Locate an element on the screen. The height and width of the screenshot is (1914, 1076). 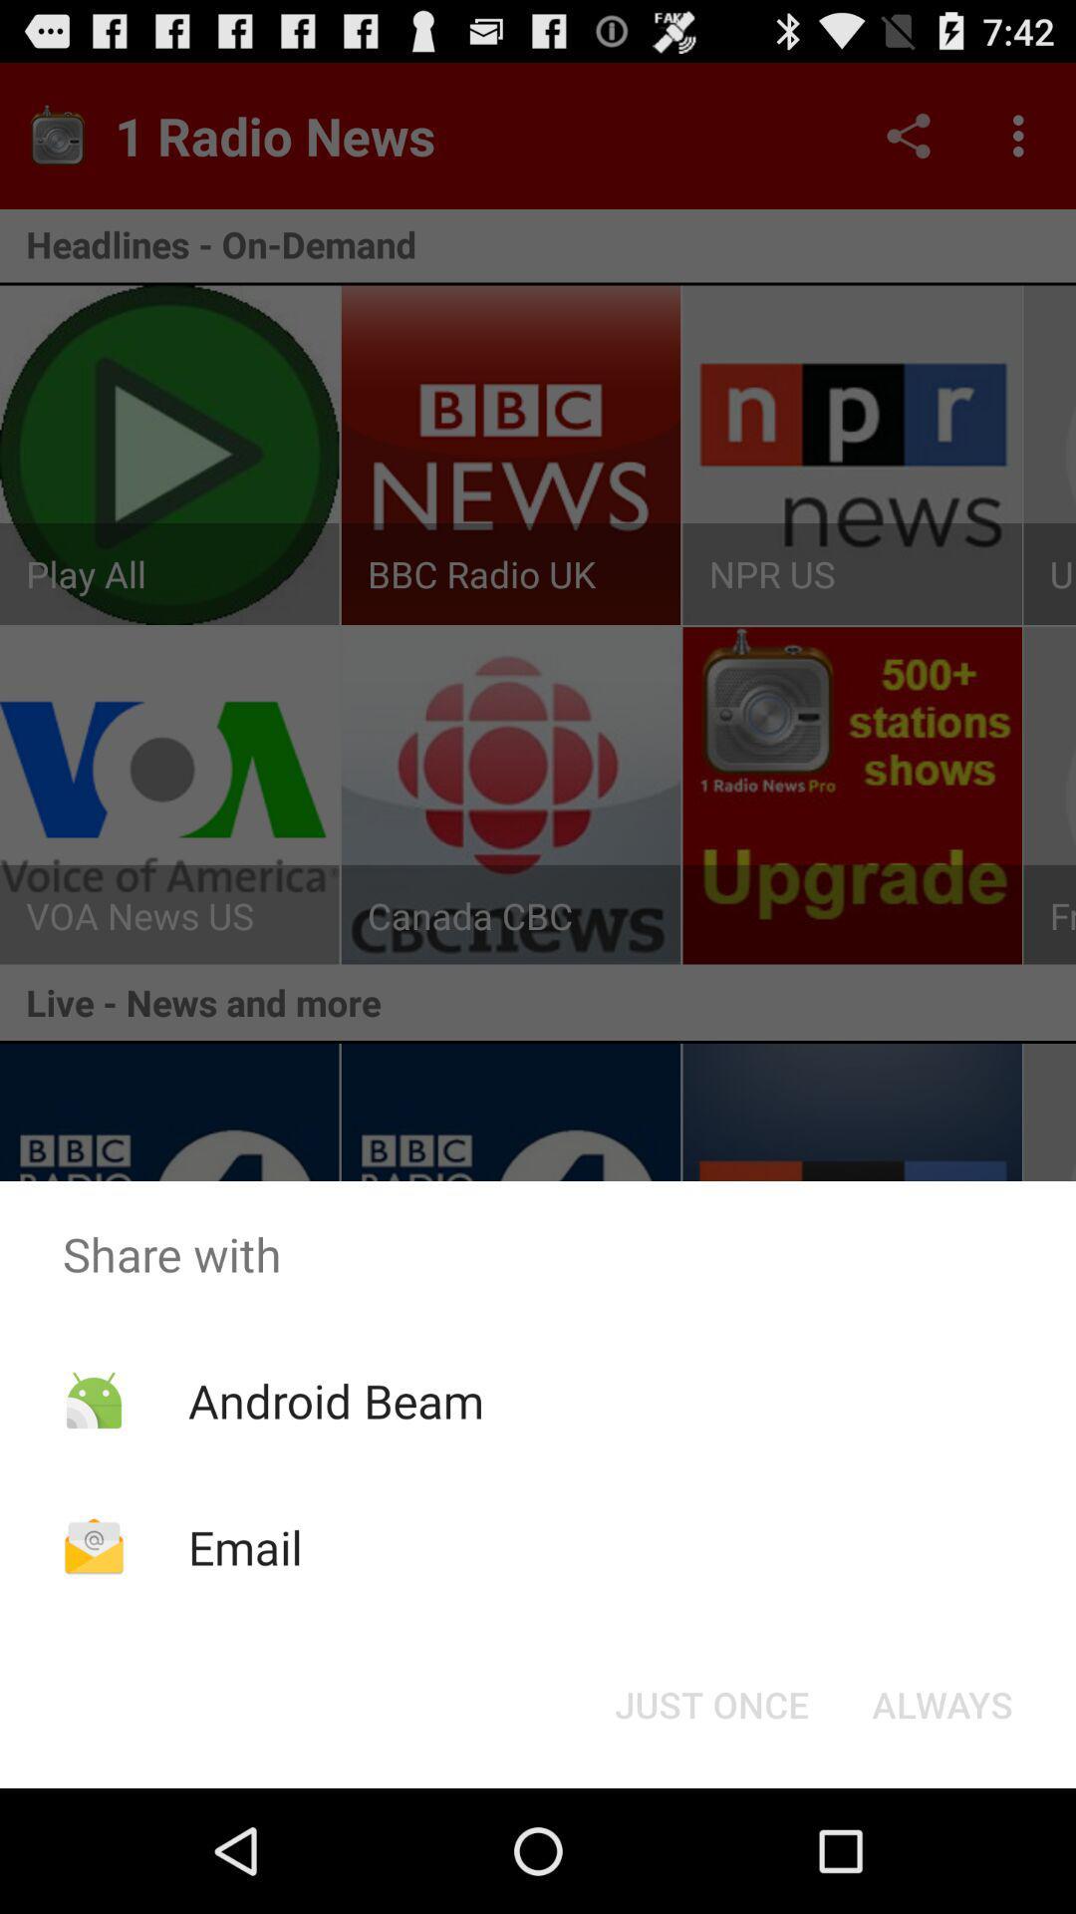
android beam item is located at coordinates (335, 1400).